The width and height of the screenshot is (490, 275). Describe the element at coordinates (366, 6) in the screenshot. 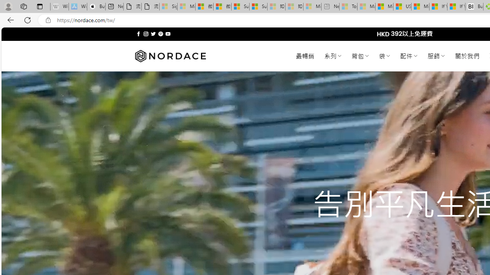

I see `'Marine life - MSN - Sleeping'` at that location.